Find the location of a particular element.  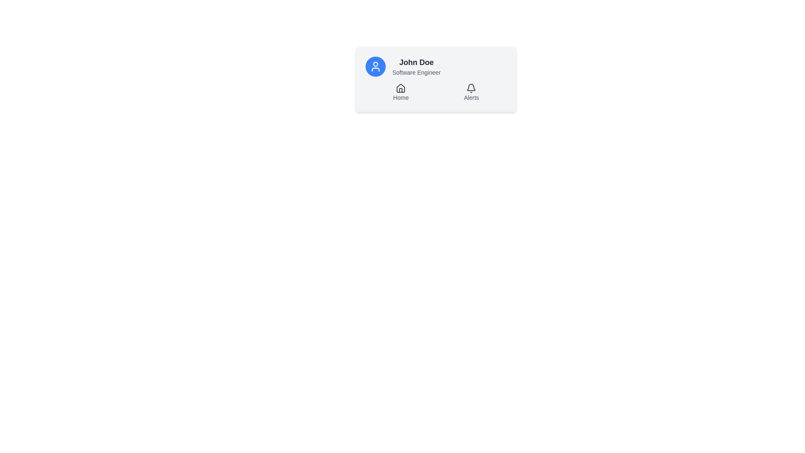

the circular button with a blue background and a white icon of a person is located at coordinates (375, 66).